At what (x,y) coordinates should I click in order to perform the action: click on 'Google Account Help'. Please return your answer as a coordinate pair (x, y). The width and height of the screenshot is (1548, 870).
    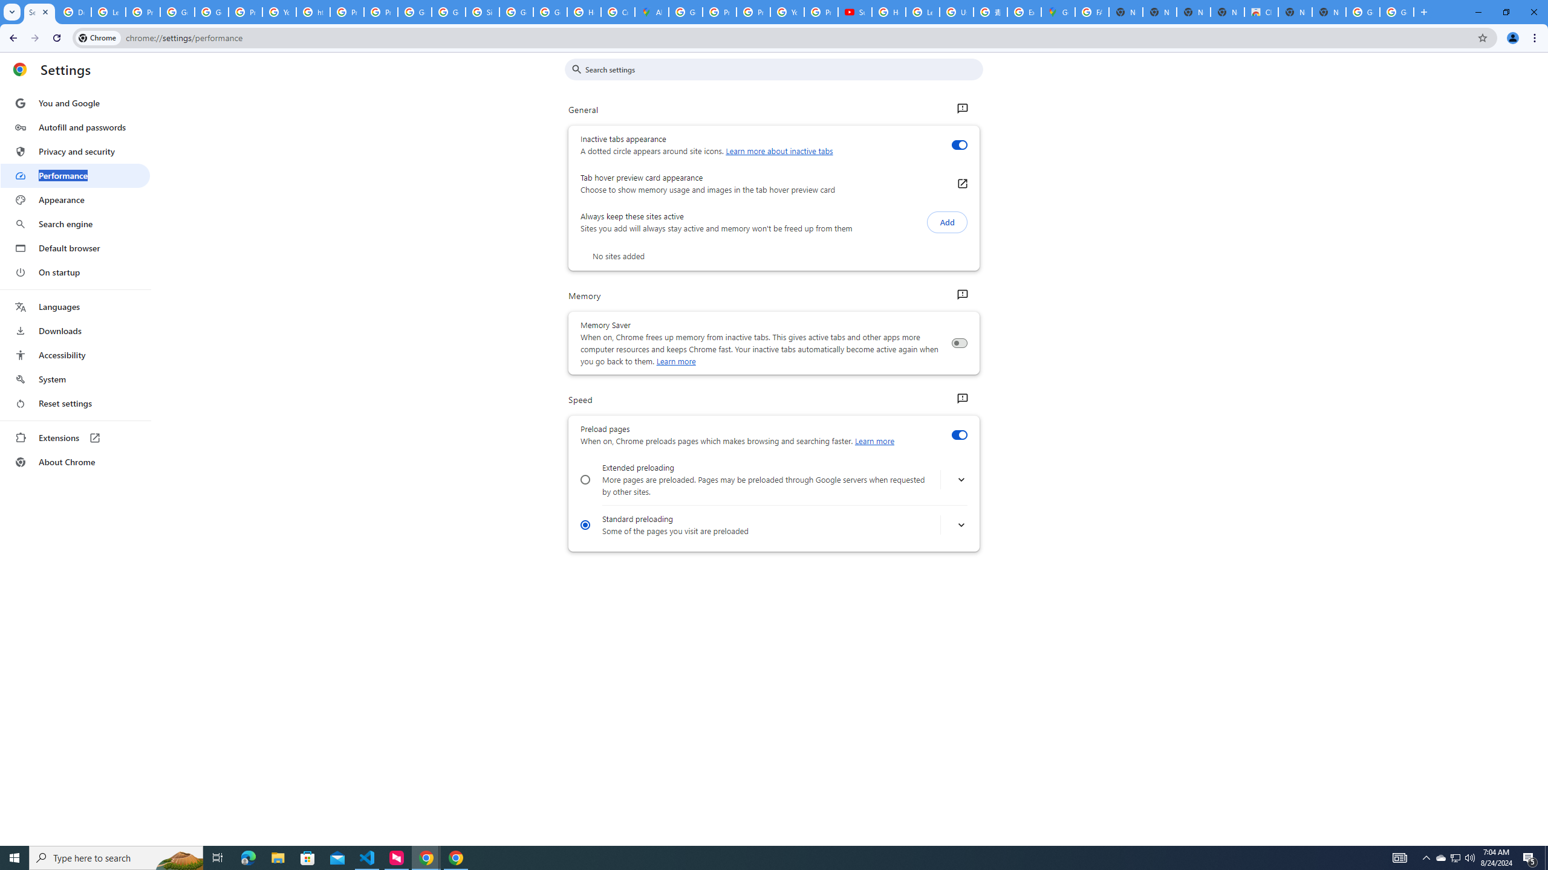
    Looking at the image, I should click on (177, 11).